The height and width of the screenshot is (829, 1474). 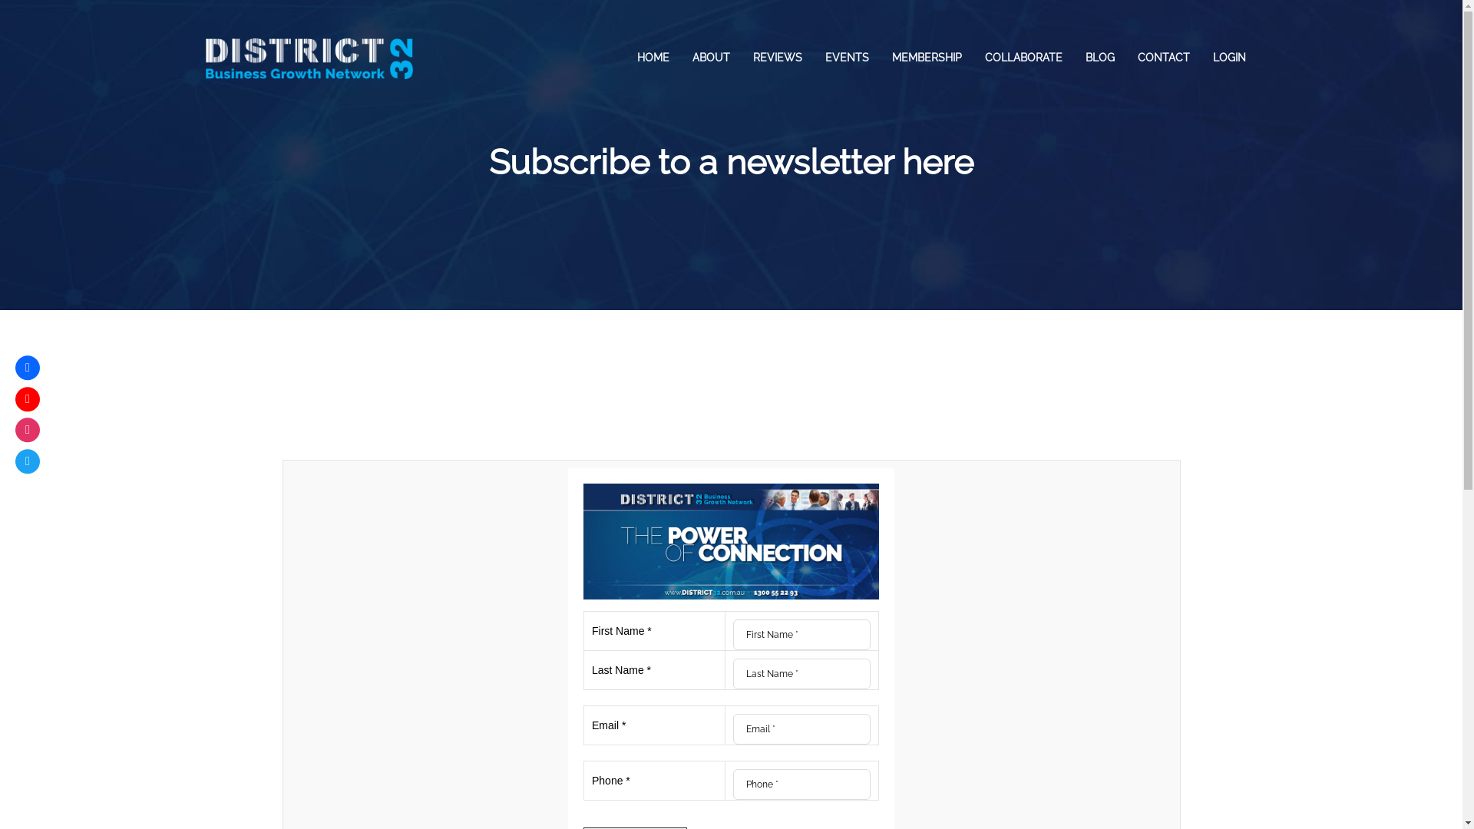 I want to click on 'BLOG', so click(x=1072, y=56).